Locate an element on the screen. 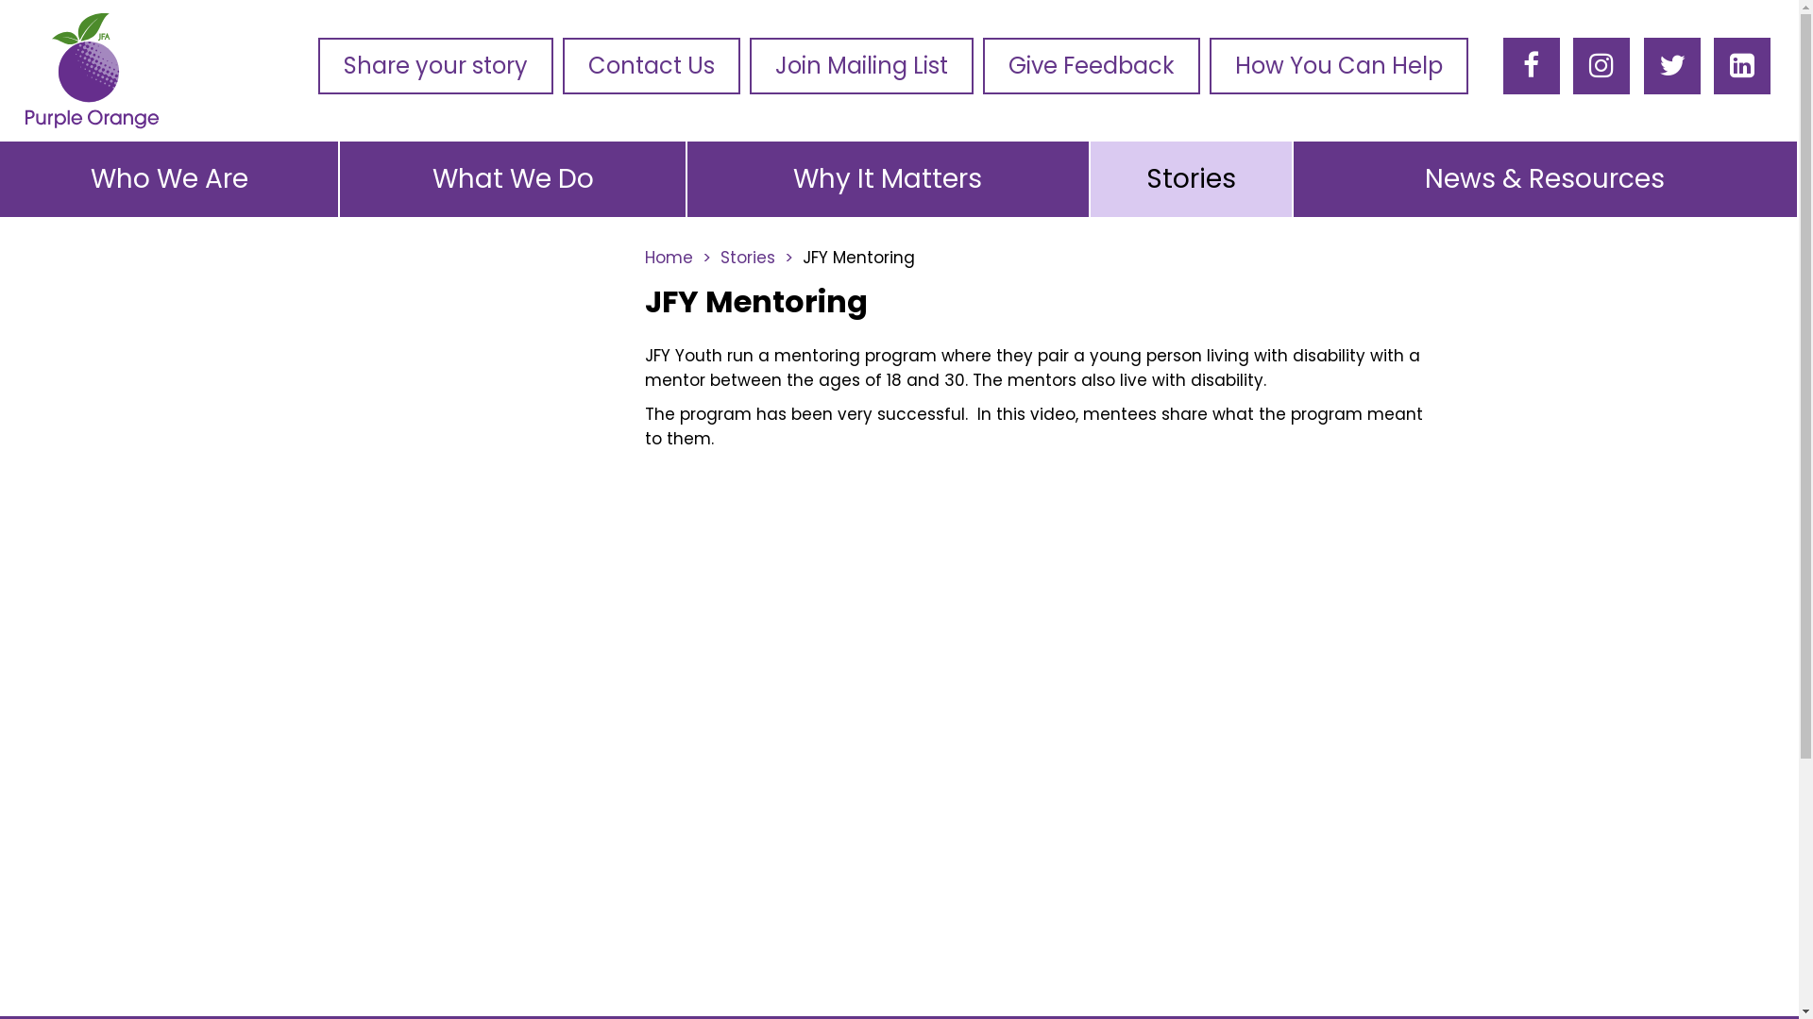  'Instagram' is located at coordinates (1588, 64).